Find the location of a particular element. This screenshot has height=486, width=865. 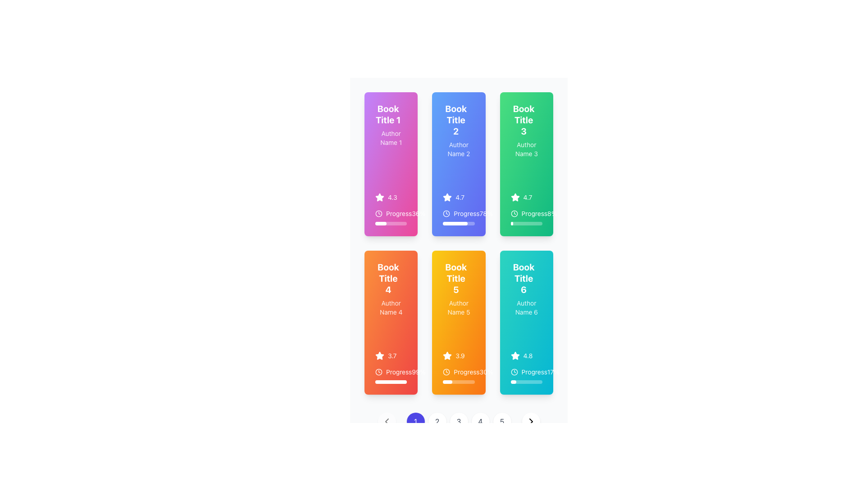

the star-shaped icon that represents a rating symbol for the associated book, located to the left of the numeric rating value '4.7' is located at coordinates (515, 197).